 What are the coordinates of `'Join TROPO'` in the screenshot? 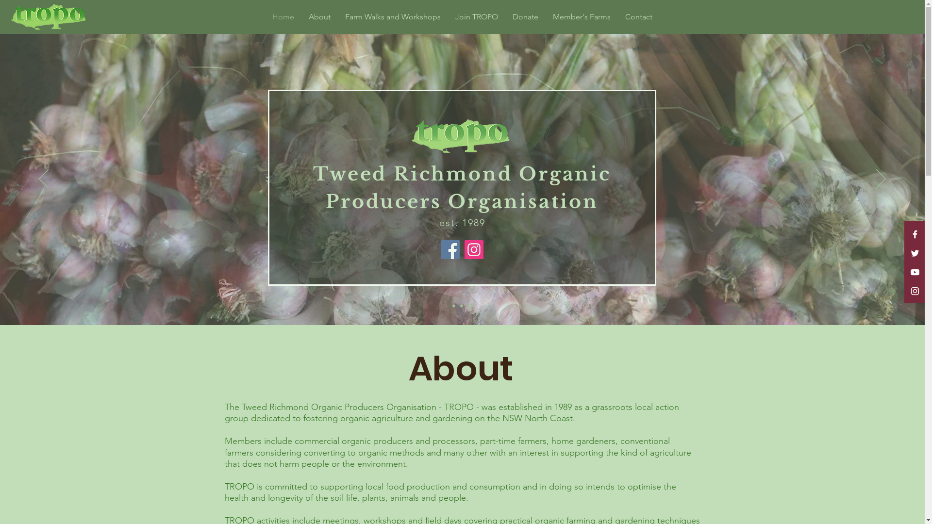 It's located at (477, 16).